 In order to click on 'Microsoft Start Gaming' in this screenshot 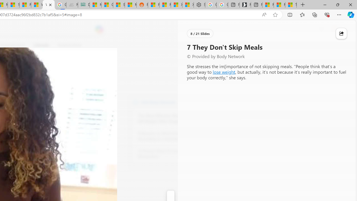, I will do `click(245, 5)`.